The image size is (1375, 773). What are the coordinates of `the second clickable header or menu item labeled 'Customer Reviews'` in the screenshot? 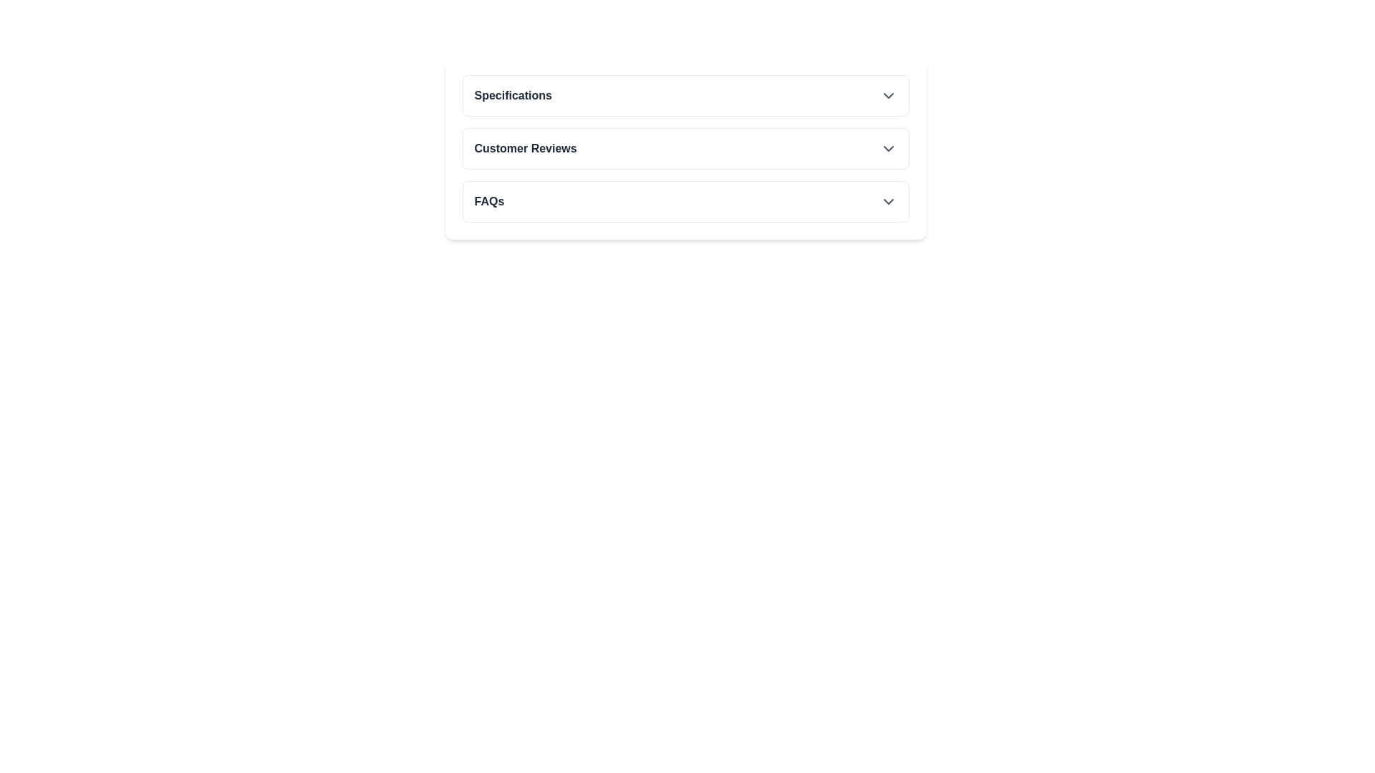 It's located at (685, 149).